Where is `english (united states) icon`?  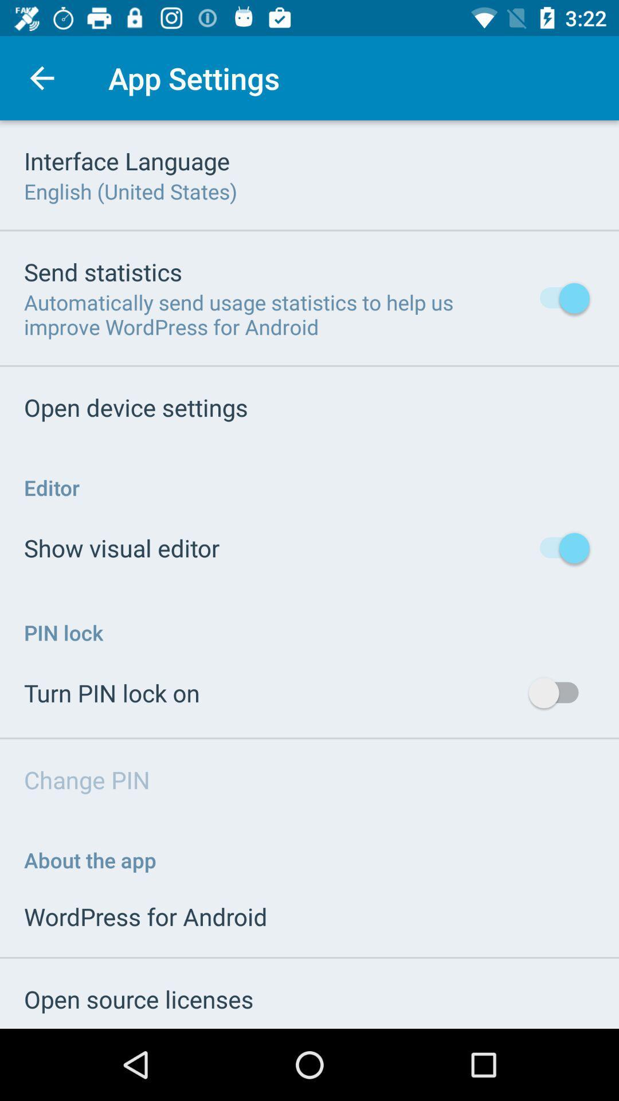
english (united states) icon is located at coordinates (130, 191).